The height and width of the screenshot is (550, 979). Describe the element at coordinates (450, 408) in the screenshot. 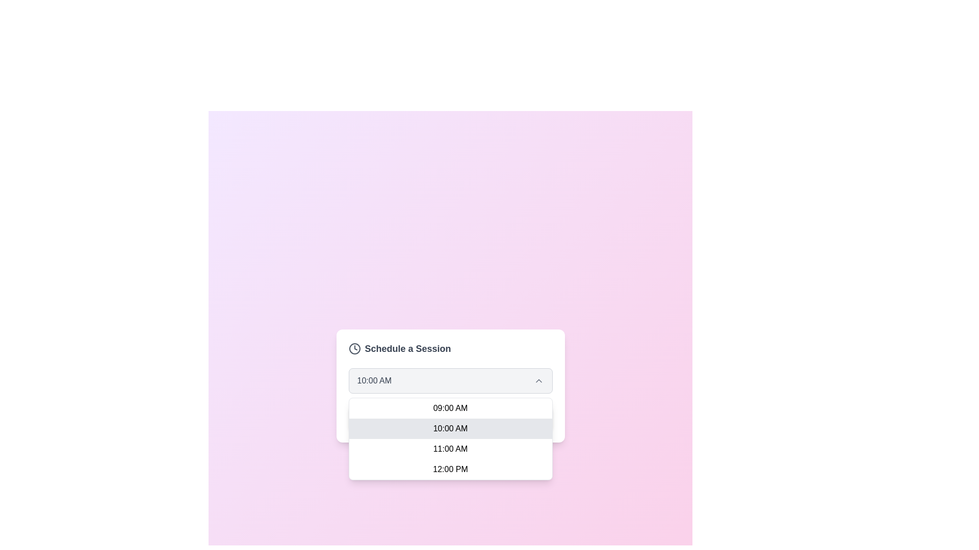

I see `the selectable dropdown option that reads '09:00 AM'` at that location.